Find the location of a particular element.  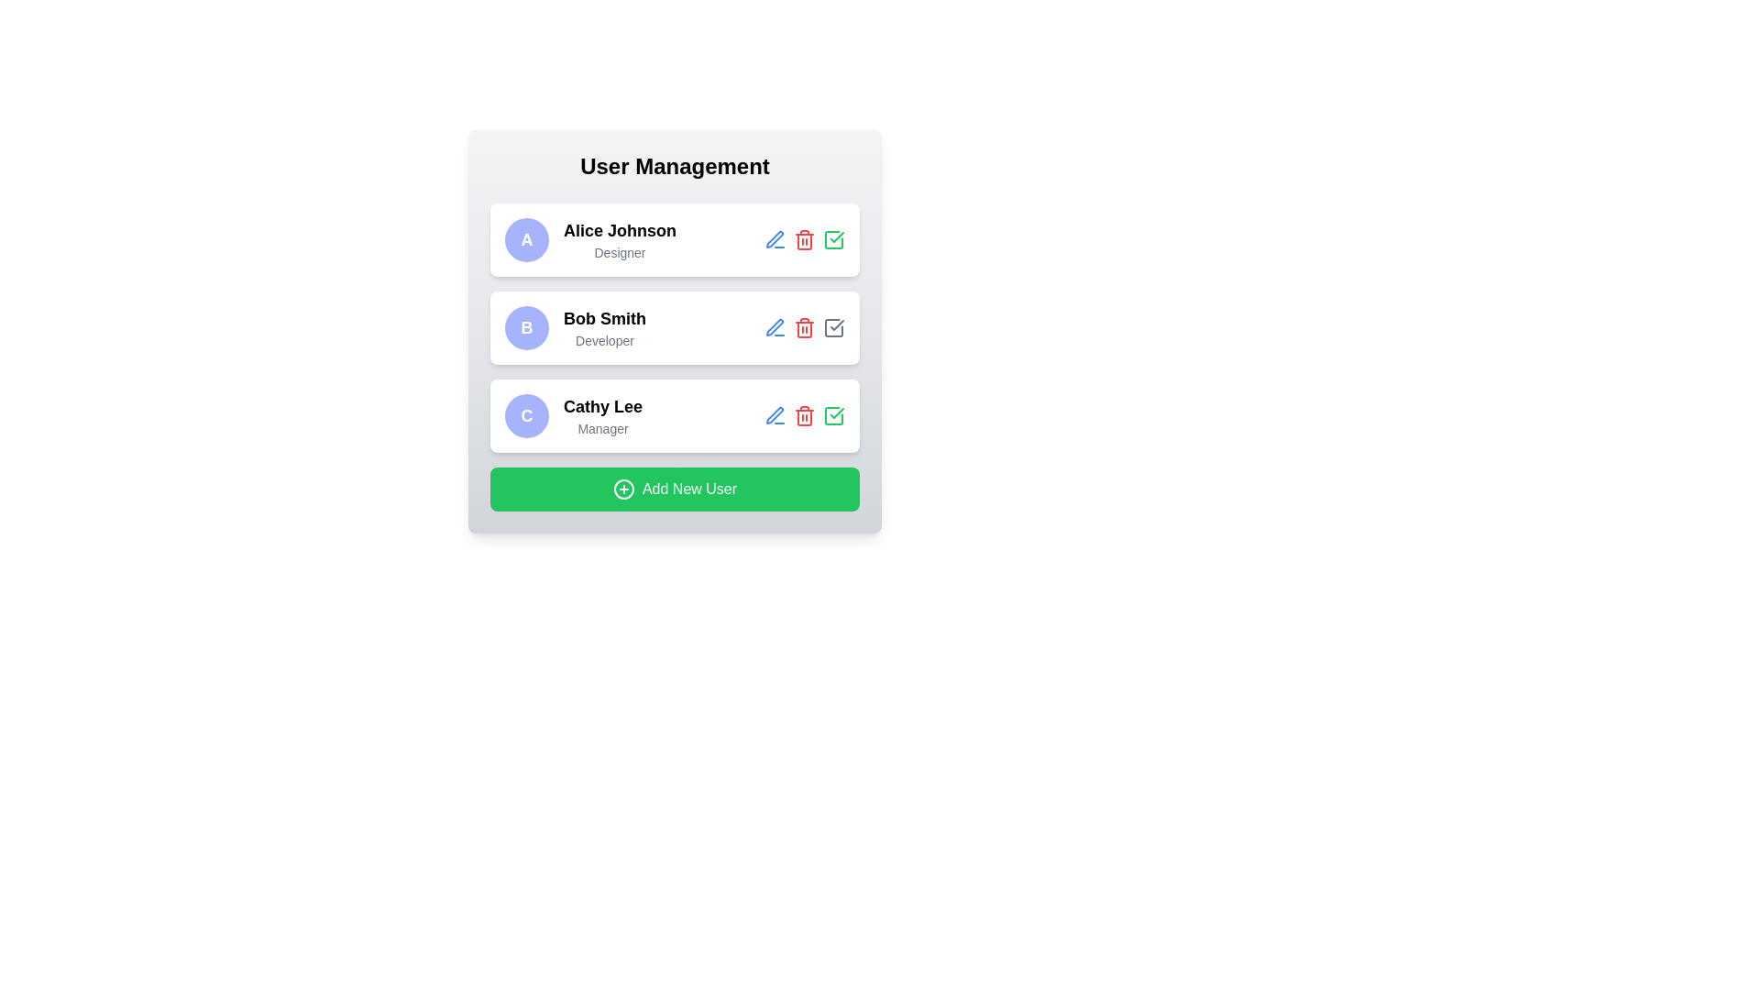

the Text Display element that shows the name and role of an individual, which is is located at coordinates (620, 239).